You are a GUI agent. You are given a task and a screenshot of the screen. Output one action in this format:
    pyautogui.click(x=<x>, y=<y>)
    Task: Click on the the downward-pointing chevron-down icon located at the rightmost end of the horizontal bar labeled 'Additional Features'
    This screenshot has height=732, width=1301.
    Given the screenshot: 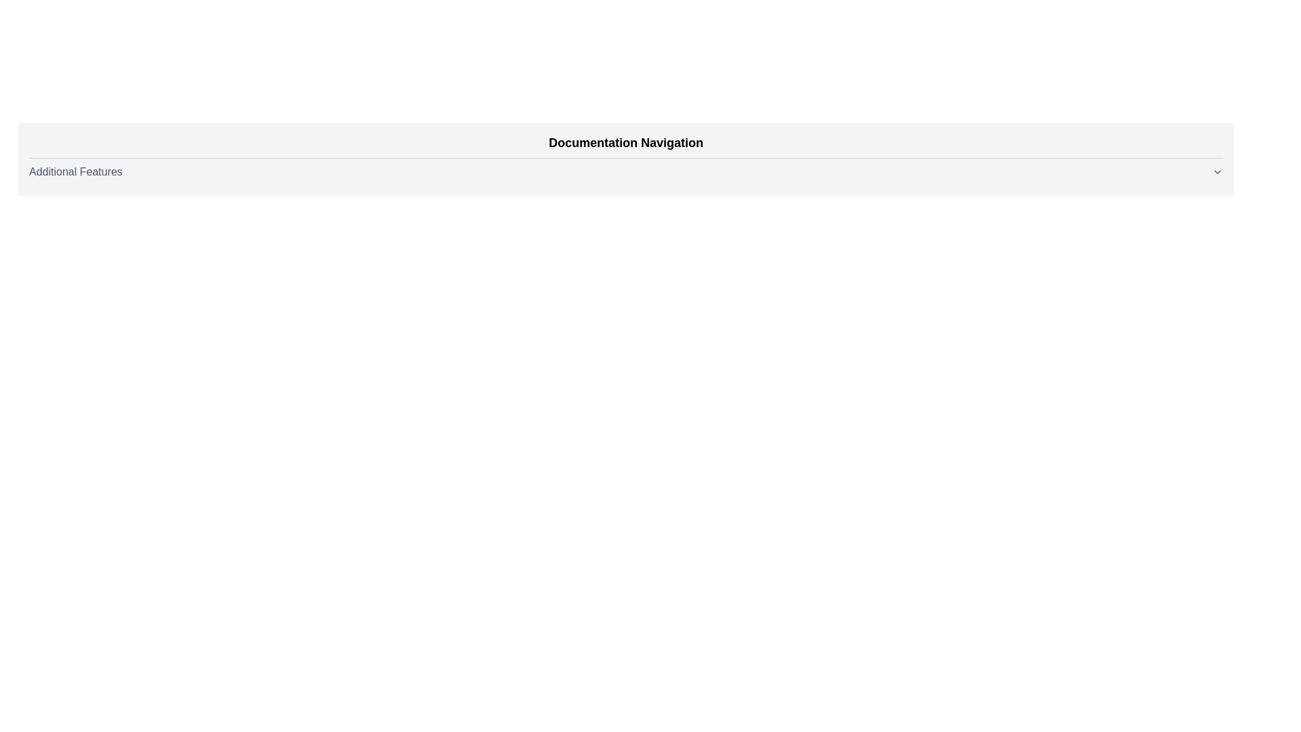 What is the action you would take?
    pyautogui.click(x=1217, y=171)
    